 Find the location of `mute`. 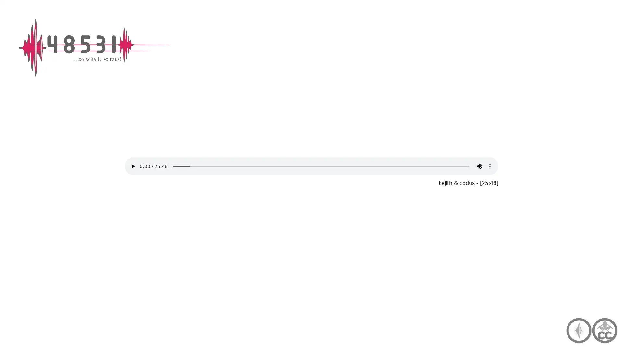

mute is located at coordinates (480, 166).